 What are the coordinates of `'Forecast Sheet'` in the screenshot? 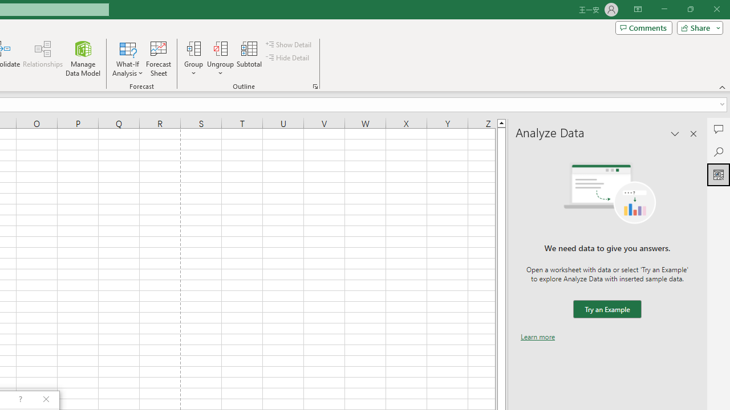 It's located at (158, 59).